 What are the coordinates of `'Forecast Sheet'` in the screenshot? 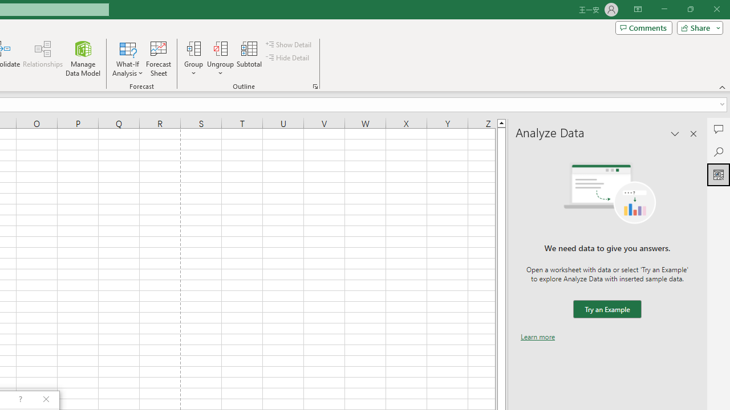 It's located at (158, 59).